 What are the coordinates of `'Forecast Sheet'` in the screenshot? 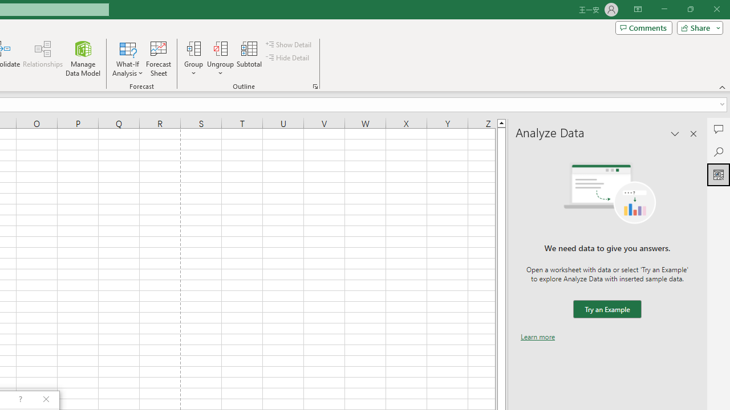 It's located at (158, 59).